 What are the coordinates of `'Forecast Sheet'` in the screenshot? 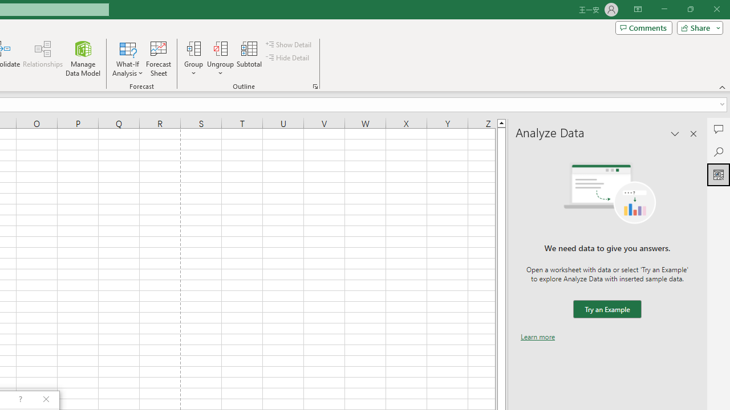 It's located at (158, 59).